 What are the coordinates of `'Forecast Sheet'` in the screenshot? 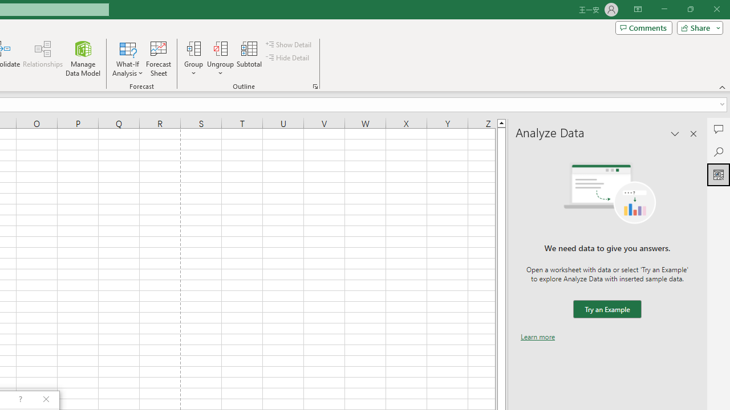 It's located at (158, 59).